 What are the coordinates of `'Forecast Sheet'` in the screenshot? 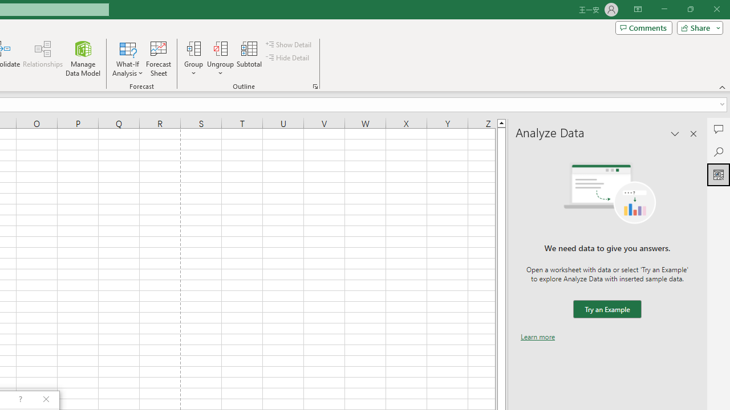 It's located at (158, 59).